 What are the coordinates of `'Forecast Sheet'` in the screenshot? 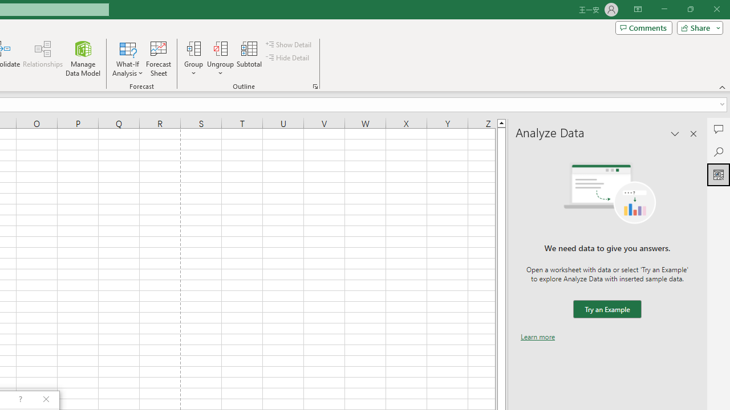 It's located at (158, 59).